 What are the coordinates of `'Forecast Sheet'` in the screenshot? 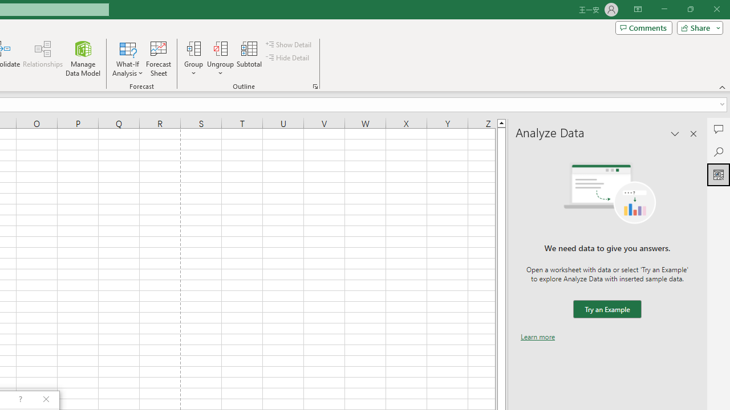 It's located at (158, 59).